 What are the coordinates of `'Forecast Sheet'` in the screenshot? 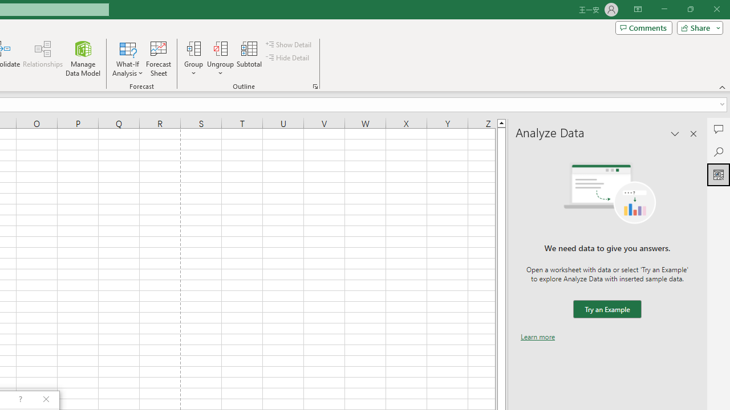 It's located at (158, 59).